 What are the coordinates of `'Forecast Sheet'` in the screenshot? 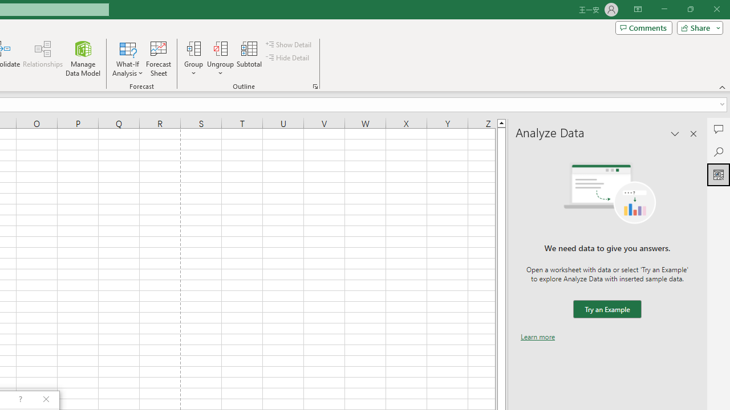 It's located at (158, 59).